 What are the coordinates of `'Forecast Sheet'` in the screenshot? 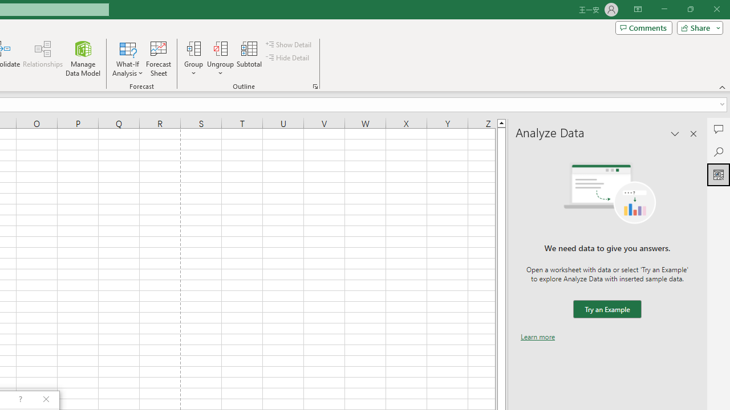 It's located at (158, 59).